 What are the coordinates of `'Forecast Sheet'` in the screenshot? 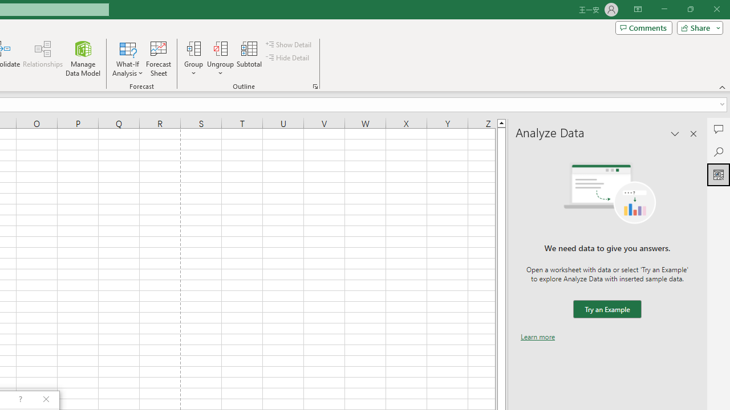 It's located at (158, 59).